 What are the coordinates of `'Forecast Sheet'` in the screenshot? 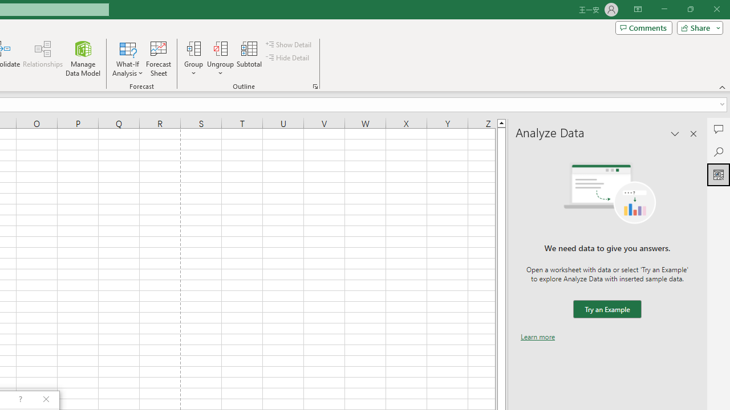 It's located at (158, 59).